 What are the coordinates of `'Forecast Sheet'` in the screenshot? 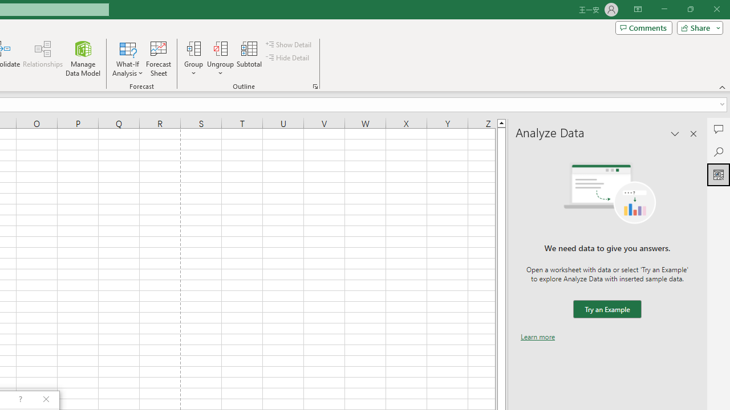 It's located at (158, 59).